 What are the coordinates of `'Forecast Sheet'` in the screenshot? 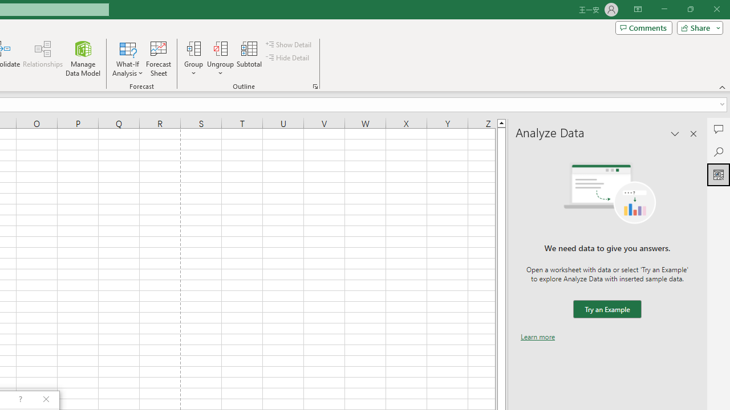 It's located at (158, 59).